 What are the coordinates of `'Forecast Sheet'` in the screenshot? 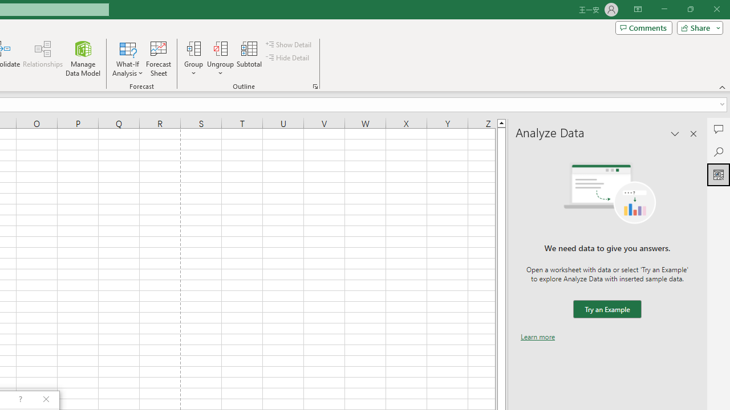 It's located at (158, 59).